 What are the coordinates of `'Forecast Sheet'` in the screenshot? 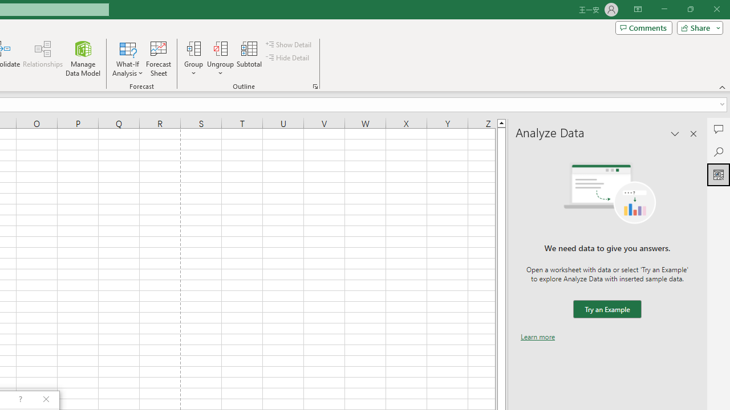 It's located at (158, 59).